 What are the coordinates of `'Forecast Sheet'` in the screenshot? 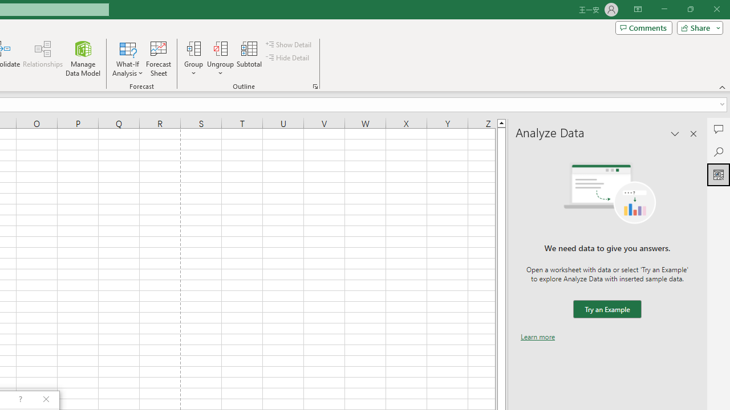 It's located at (158, 59).